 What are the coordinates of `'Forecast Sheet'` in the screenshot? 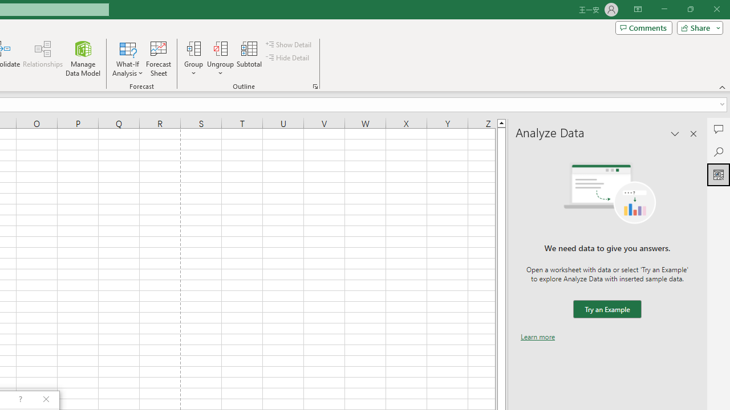 It's located at (158, 59).